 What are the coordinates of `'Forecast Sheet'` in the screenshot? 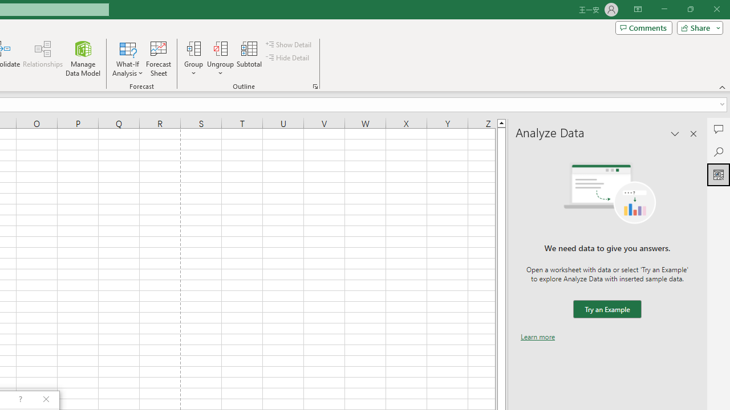 It's located at (158, 59).